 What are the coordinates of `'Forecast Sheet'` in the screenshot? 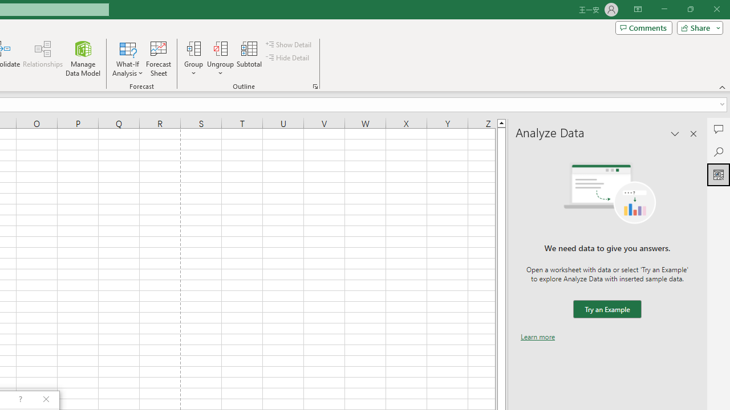 It's located at (158, 59).